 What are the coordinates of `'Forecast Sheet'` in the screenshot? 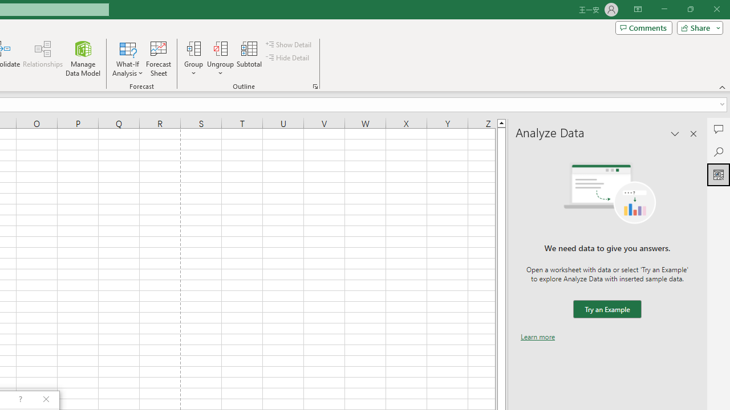 It's located at (158, 59).